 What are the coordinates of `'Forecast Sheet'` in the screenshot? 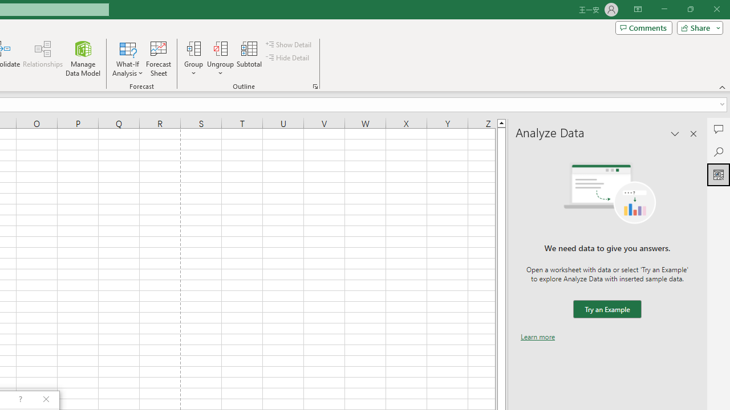 It's located at (158, 59).